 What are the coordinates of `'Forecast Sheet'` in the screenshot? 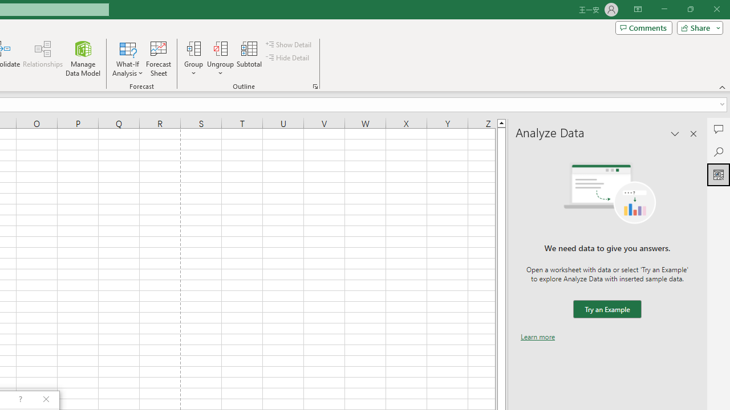 It's located at (158, 59).